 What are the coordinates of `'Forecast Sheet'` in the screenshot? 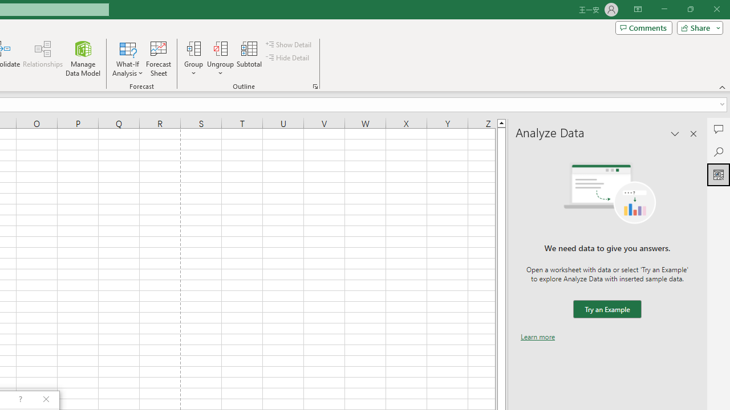 It's located at (158, 59).